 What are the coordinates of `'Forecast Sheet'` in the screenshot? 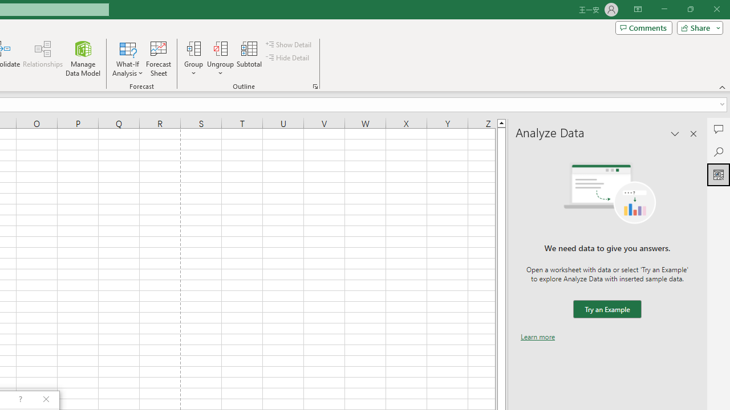 It's located at (158, 59).